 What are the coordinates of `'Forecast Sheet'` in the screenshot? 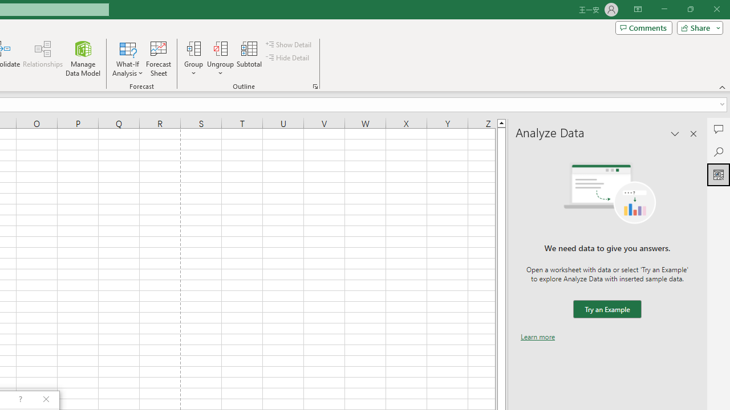 It's located at (158, 59).